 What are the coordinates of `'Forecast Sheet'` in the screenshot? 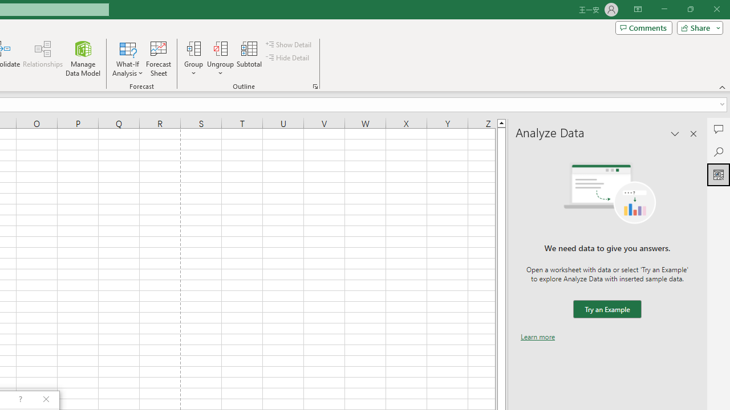 It's located at (158, 59).